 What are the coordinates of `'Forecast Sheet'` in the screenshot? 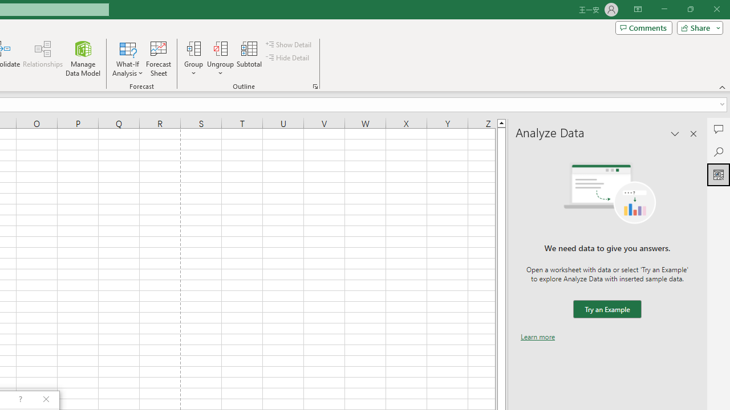 It's located at (158, 59).